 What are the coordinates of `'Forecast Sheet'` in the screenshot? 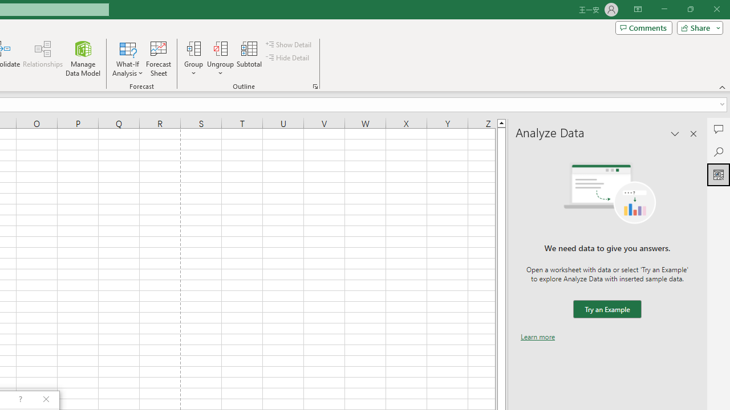 It's located at (158, 59).